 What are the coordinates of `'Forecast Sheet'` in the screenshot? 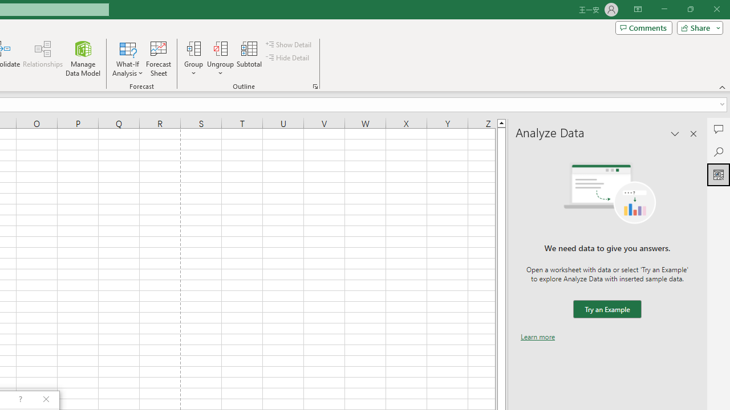 It's located at (158, 59).